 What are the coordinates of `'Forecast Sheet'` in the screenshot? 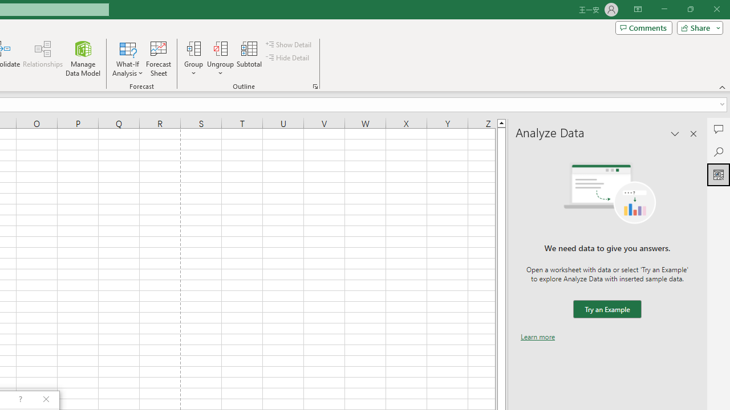 It's located at (158, 59).